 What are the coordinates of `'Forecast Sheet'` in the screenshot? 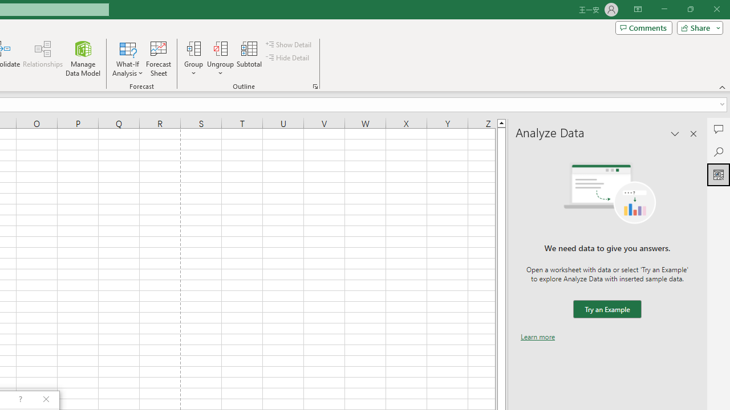 It's located at (158, 59).